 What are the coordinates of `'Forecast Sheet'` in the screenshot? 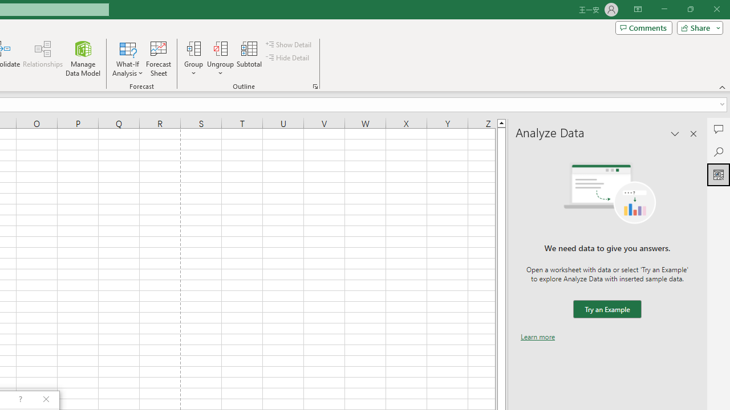 It's located at (158, 59).